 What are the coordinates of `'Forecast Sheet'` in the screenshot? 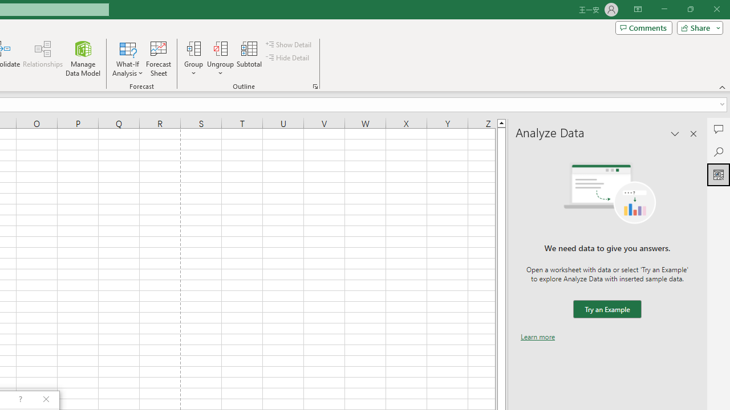 It's located at (158, 59).